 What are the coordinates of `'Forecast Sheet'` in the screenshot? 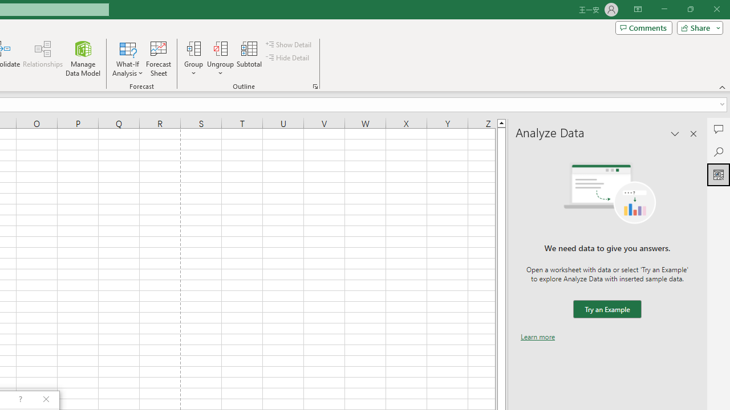 It's located at (158, 59).